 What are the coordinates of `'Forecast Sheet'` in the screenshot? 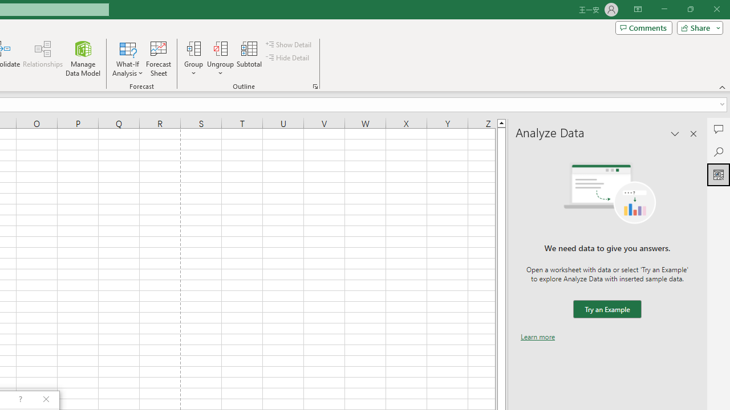 It's located at (158, 59).